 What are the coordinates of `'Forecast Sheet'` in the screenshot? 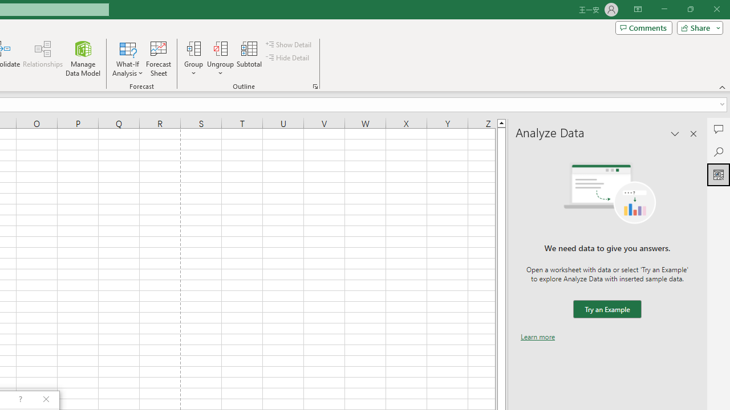 It's located at (158, 59).